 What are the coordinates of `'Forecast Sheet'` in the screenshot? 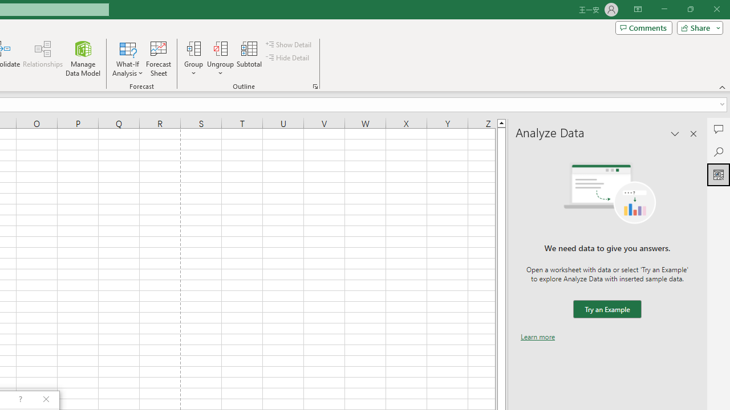 It's located at (158, 59).